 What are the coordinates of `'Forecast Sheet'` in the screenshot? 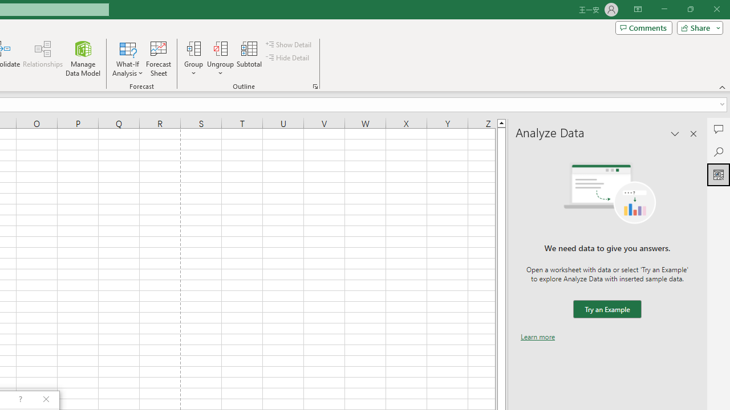 It's located at (158, 59).